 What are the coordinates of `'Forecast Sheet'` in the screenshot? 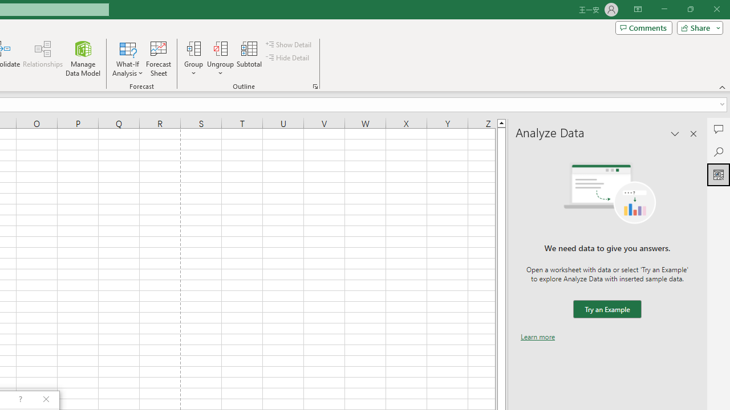 It's located at (158, 59).